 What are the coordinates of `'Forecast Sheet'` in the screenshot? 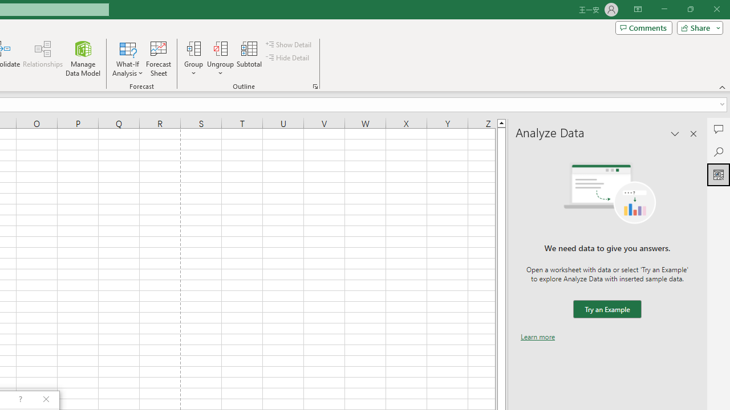 It's located at (158, 59).